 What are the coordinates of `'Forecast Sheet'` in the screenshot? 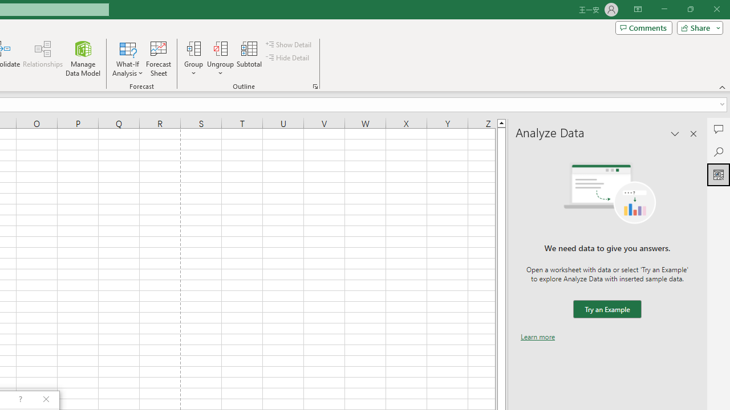 It's located at (158, 59).